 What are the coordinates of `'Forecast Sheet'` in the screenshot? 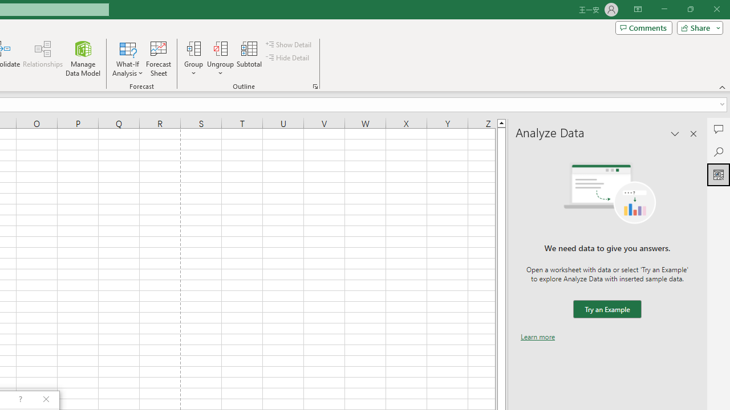 It's located at (158, 59).